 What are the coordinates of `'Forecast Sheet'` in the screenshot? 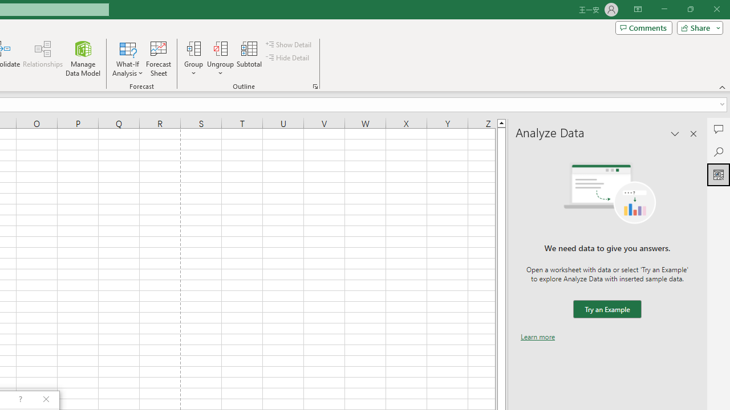 It's located at (158, 59).